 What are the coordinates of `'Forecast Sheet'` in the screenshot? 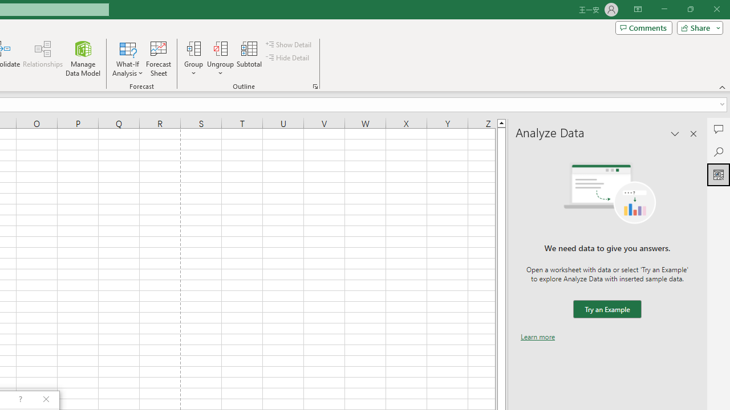 It's located at (158, 59).